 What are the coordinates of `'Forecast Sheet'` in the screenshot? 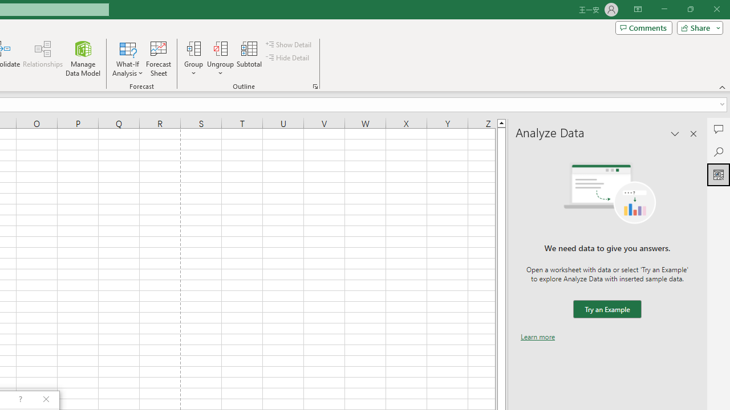 It's located at (158, 59).